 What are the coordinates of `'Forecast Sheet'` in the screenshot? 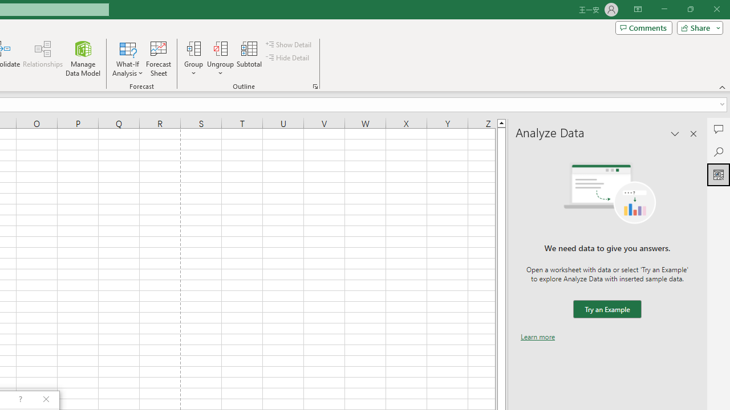 It's located at (158, 59).